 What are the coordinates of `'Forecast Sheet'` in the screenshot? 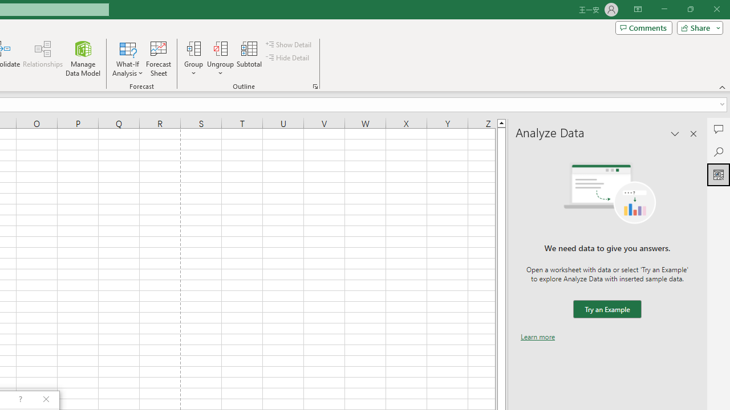 It's located at (158, 59).